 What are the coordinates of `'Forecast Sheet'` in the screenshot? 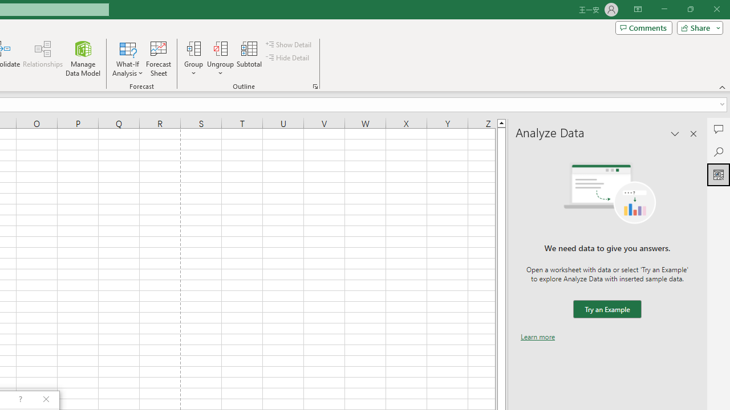 It's located at (158, 59).